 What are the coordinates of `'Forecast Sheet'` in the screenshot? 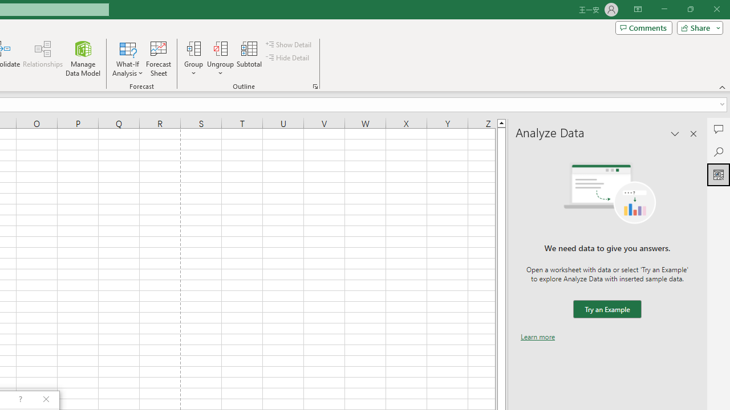 It's located at (158, 59).